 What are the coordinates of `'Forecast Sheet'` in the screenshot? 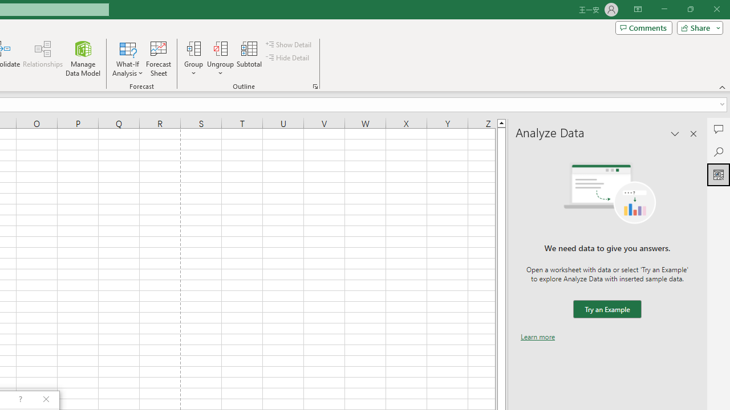 It's located at (158, 59).